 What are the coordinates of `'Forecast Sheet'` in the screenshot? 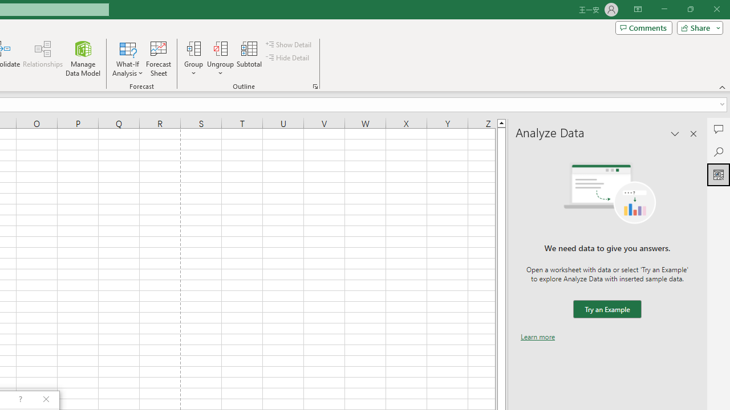 It's located at (158, 59).